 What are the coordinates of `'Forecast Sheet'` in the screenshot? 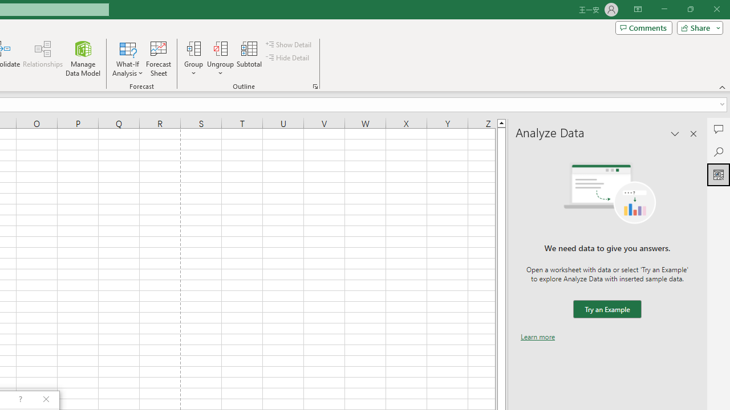 It's located at (158, 59).